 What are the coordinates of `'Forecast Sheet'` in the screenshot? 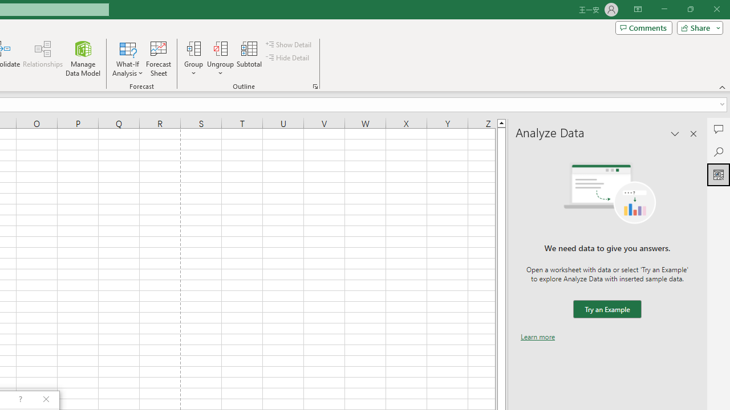 It's located at (158, 59).